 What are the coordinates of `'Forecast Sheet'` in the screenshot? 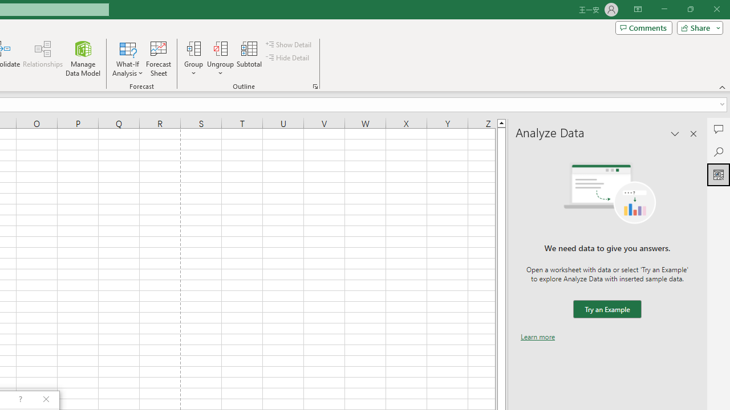 It's located at (158, 59).